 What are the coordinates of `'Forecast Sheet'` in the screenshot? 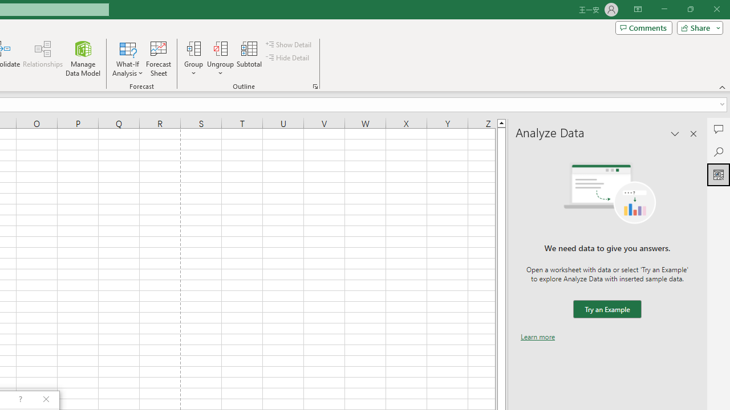 It's located at (158, 59).